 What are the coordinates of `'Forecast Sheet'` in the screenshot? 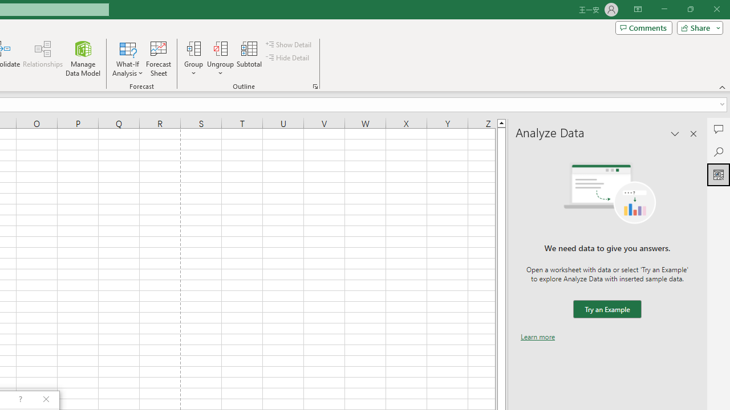 It's located at (158, 59).